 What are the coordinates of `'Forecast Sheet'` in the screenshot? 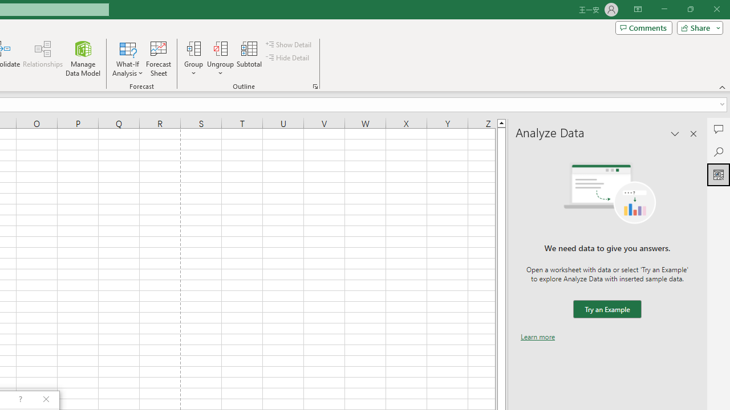 It's located at (158, 59).